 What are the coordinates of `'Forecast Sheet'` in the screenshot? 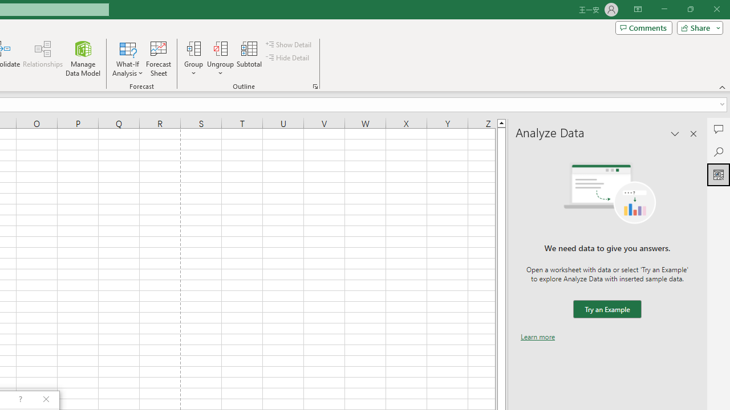 It's located at (158, 59).